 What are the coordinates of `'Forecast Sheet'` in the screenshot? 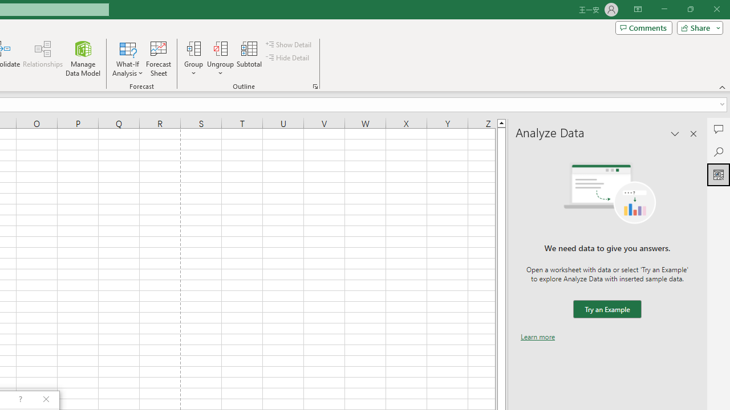 It's located at (158, 59).